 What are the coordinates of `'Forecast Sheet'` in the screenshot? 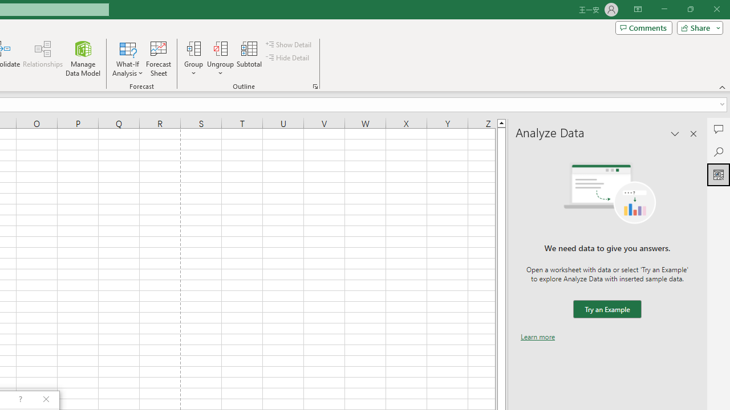 It's located at (158, 59).